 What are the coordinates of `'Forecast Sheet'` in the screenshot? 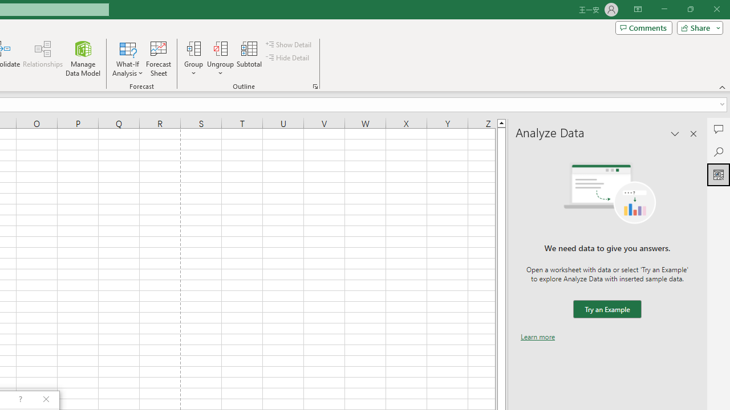 It's located at (158, 59).